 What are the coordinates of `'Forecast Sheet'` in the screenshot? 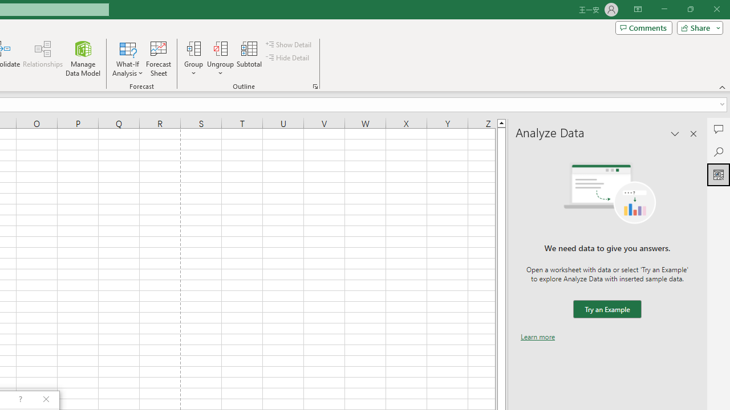 It's located at (158, 59).